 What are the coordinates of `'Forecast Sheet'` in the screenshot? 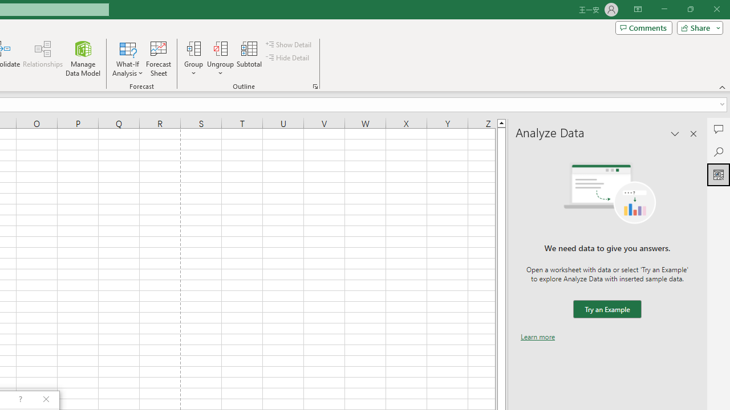 It's located at (158, 59).